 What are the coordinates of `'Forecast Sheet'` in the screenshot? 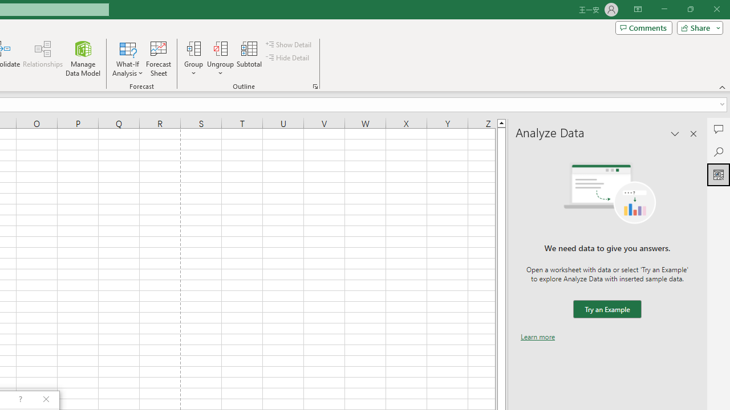 It's located at (158, 59).